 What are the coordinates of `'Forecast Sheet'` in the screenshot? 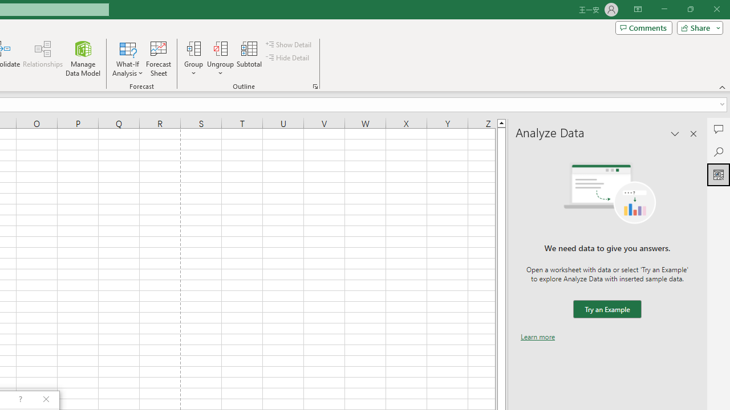 It's located at (158, 59).